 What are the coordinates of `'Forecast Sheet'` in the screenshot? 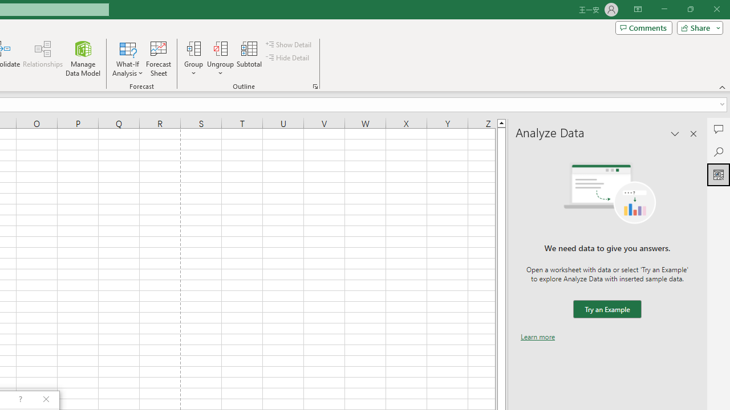 It's located at (158, 59).